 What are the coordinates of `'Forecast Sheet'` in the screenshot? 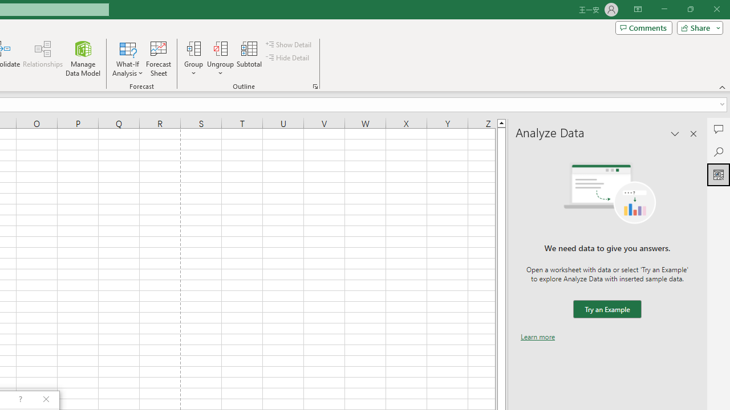 It's located at (158, 59).